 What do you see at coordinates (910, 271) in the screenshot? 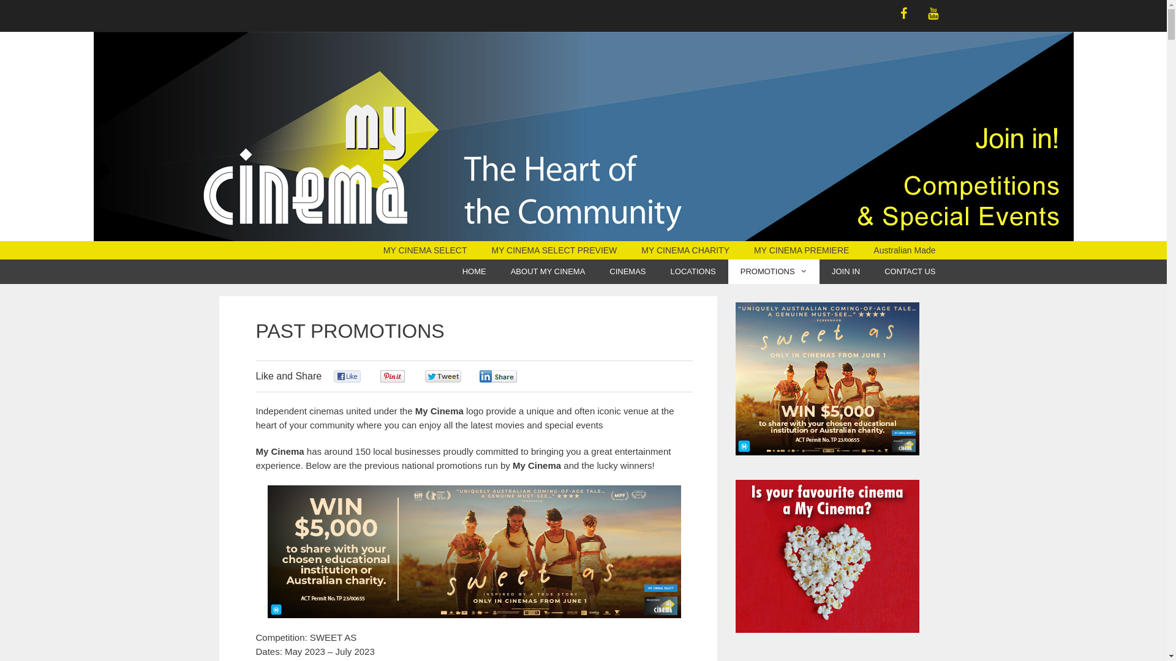
I see `'CONTACT US'` at bounding box center [910, 271].